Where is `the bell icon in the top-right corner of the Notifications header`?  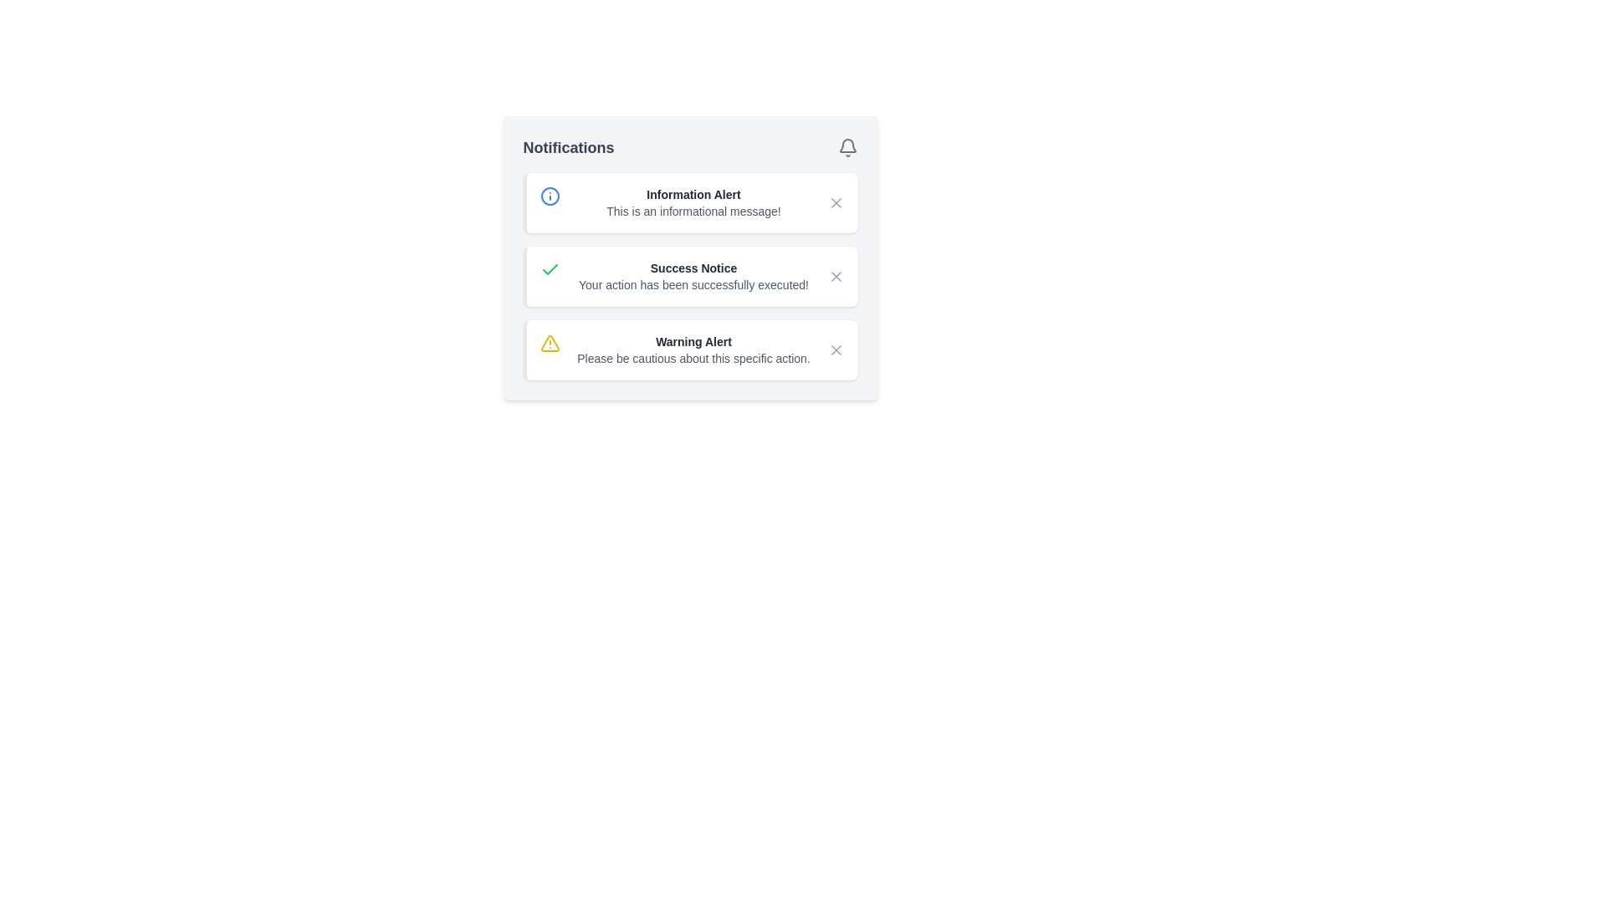 the bell icon in the top-right corner of the Notifications header is located at coordinates (847, 147).